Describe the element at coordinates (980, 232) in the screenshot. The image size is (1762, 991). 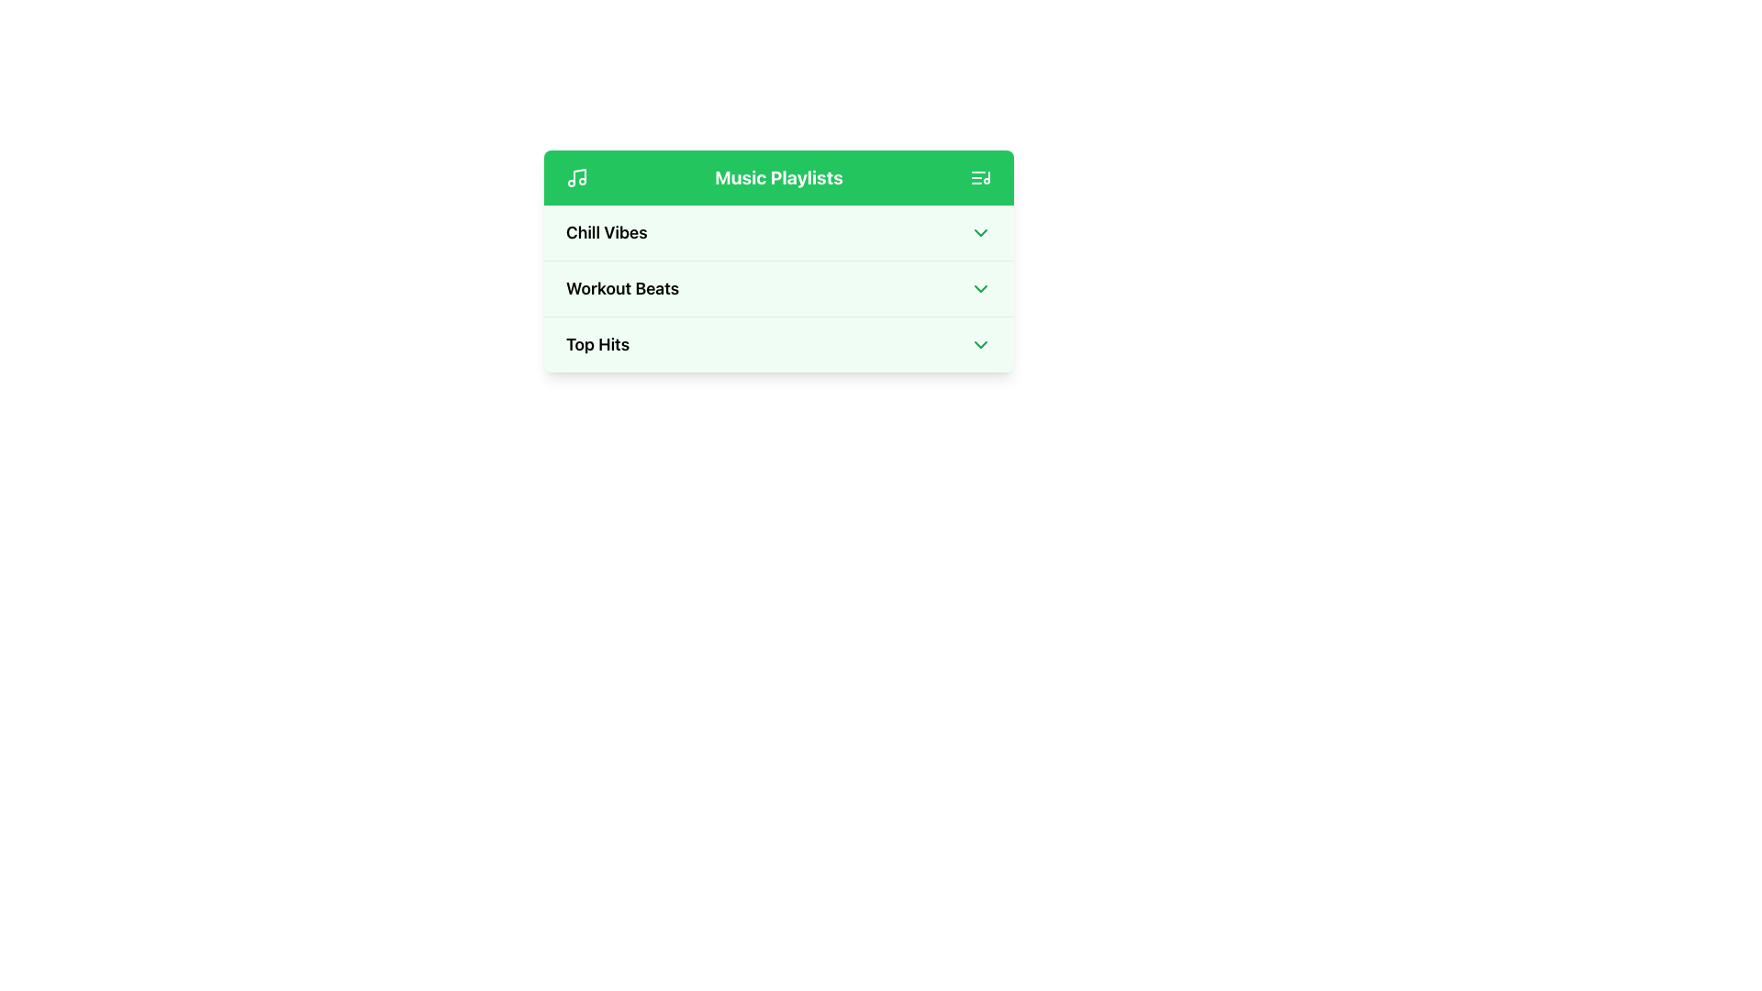
I see `the dropdown toggle icon button located to the right of 'Chill Vibes' in the Music Playlists section` at that location.